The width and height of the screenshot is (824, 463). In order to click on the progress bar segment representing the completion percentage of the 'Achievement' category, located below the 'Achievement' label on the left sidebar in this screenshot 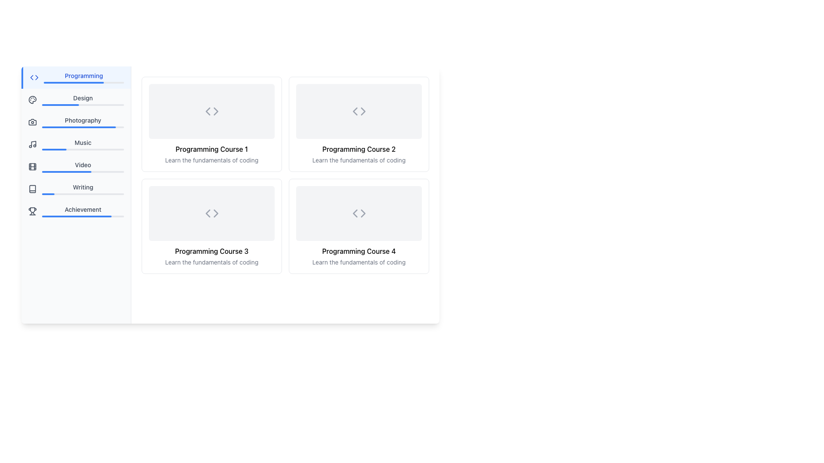, I will do `click(77, 216)`.